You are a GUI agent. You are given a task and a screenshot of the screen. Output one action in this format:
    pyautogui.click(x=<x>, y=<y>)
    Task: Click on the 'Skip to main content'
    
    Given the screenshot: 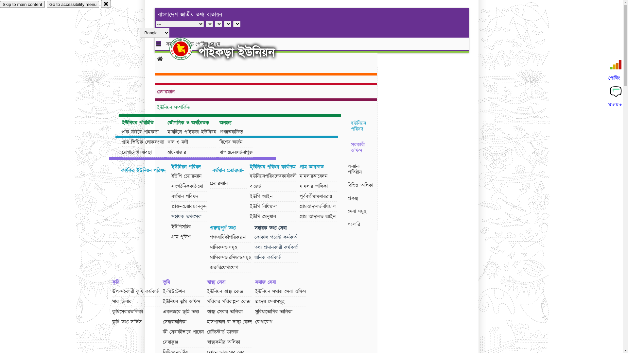 What is the action you would take?
    pyautogui.click(x=22, y=4)
    